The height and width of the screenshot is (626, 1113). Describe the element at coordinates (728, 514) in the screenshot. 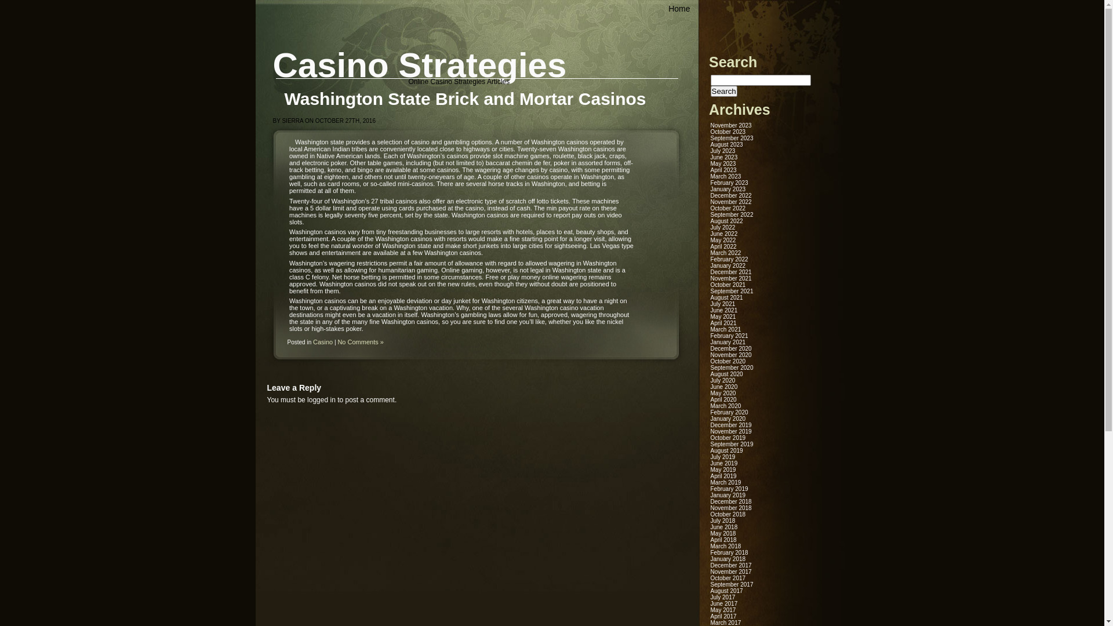

I see `'October 2018'` at that location.